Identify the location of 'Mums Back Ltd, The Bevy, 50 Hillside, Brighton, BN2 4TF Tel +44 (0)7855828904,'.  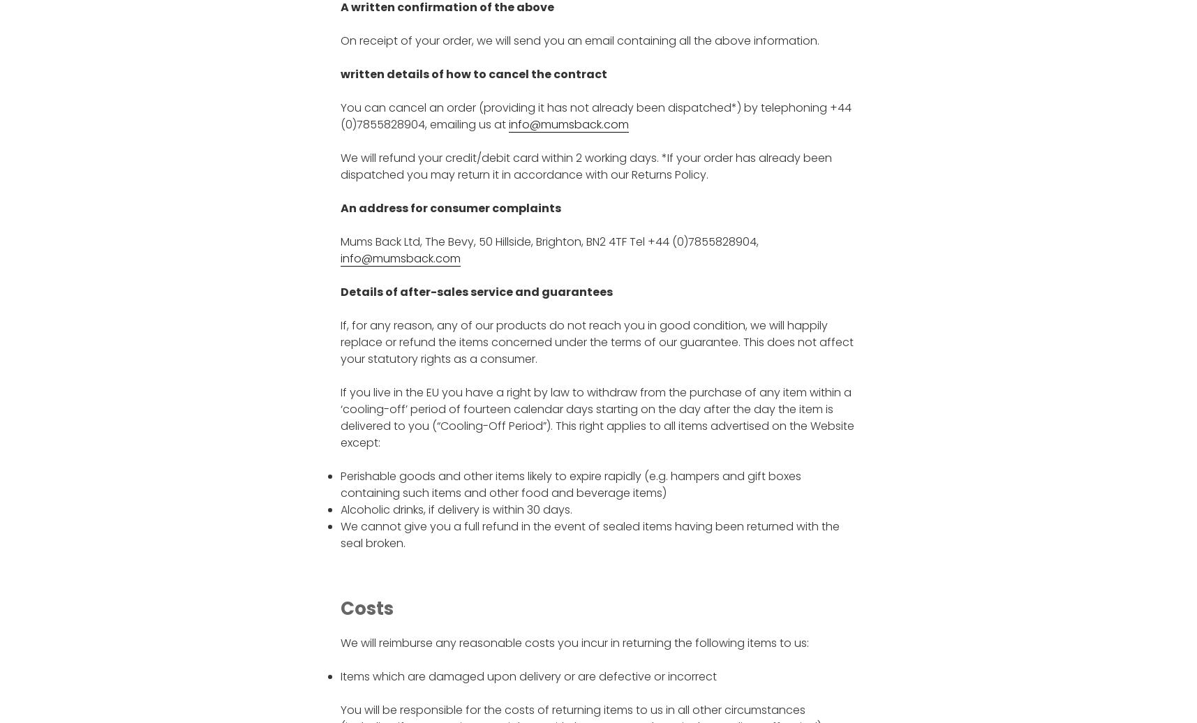
(340, 241).